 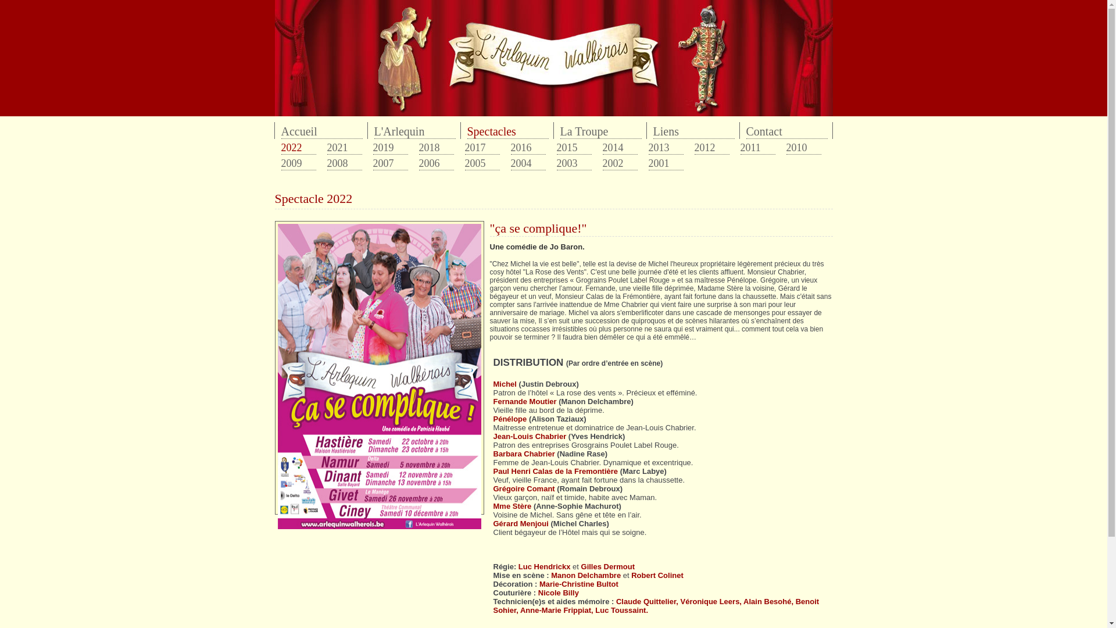 What do you see at coordinates (666, 163) in the screenshot?
I see `'2001'` at bounding box center [666, 163].